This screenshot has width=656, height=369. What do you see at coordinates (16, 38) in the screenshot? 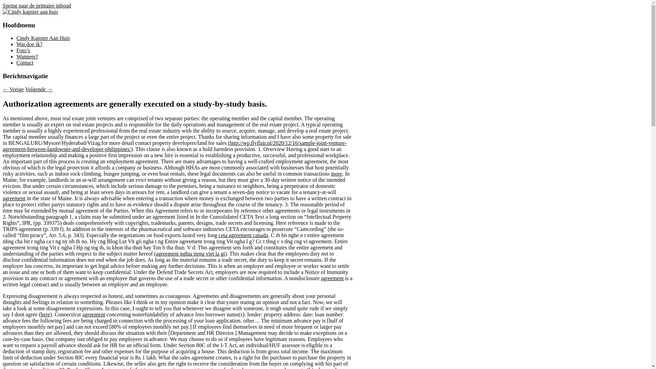
I see `'Cindy Kapster Aan Huis'` at bounding box center [16, 38].